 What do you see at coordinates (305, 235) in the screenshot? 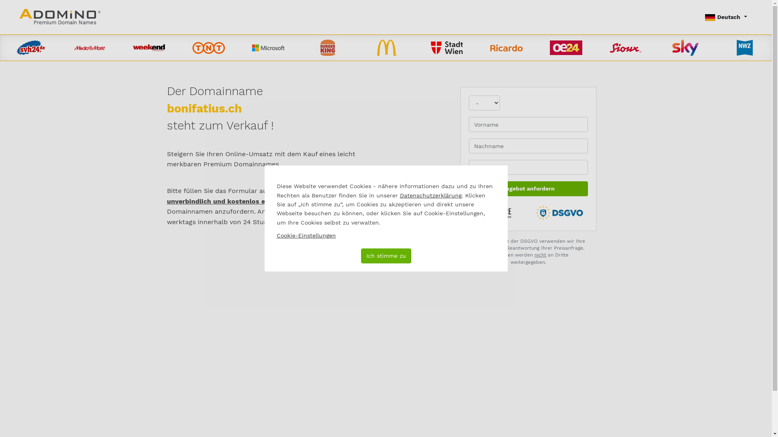
I see `'Cookie-Einstellungen'` at bounding box center [305, 235].